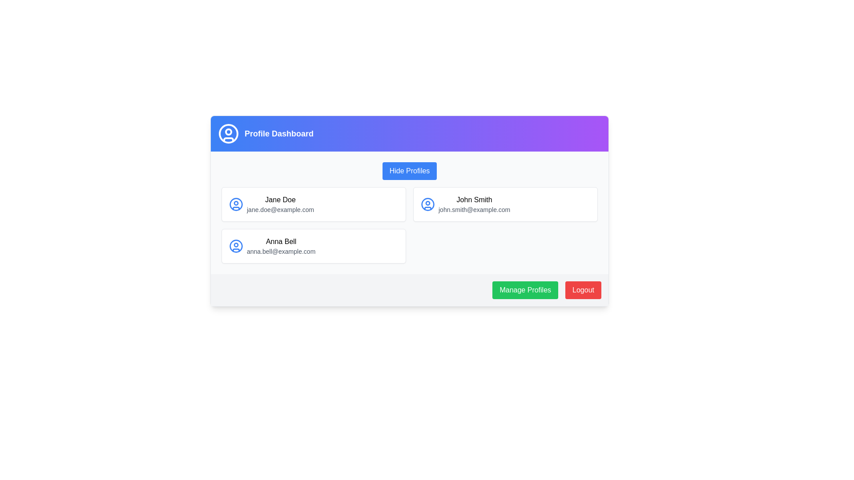 Image resolution: width=854 pixels, height=480 pixels. Describe the element at coordinates (236, 246) in the screenshot. I see `the circular user icon with a blue outline, located to the left of the text 'Anna Bell' and 'anna.bell@example.com'` at that location.